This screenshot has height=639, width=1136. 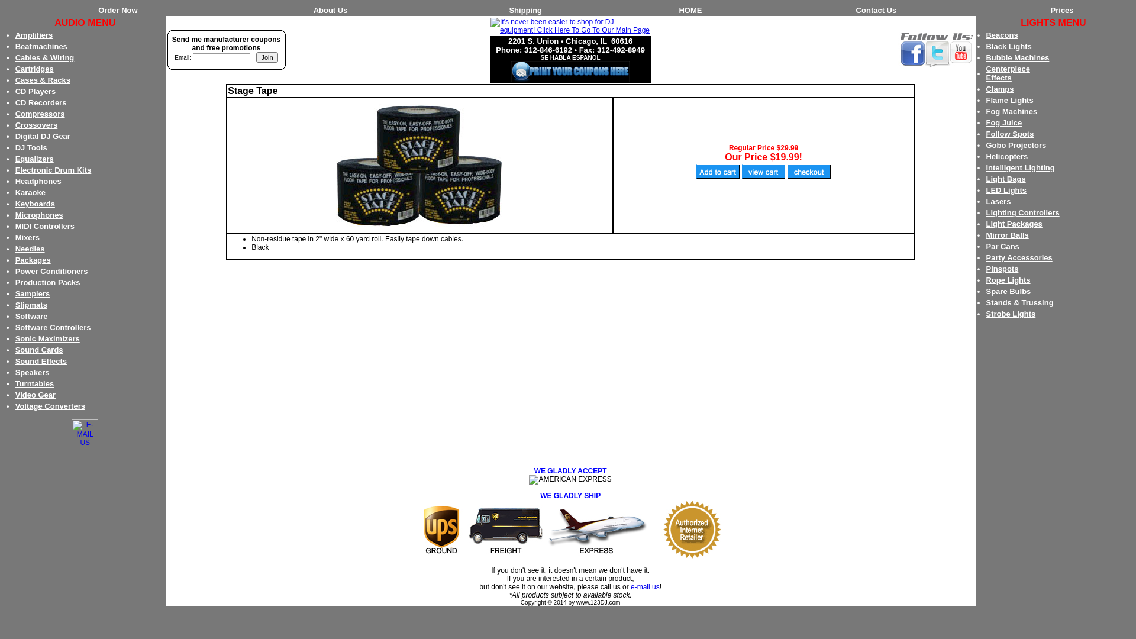 I want to click on 'Sonic Maximizers', so click(x=47, y=338).